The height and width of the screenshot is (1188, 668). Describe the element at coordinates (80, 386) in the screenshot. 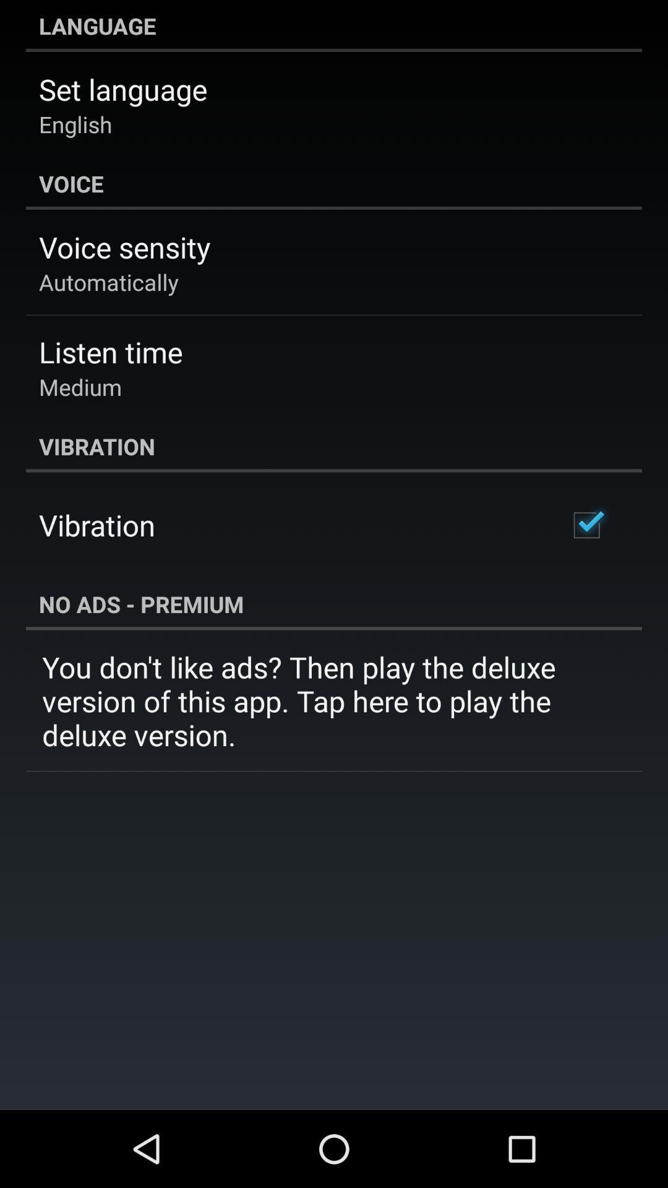

I see `the app below listen time item` at that location.